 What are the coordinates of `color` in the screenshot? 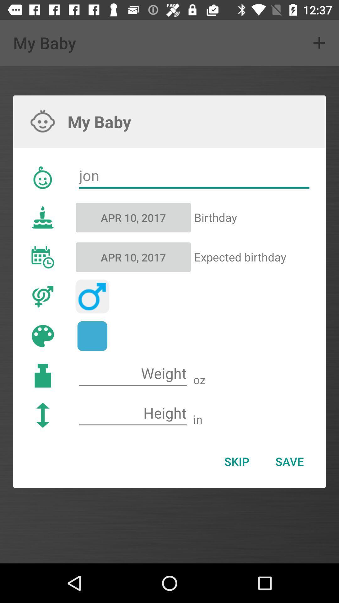 It's located at (92, 336).